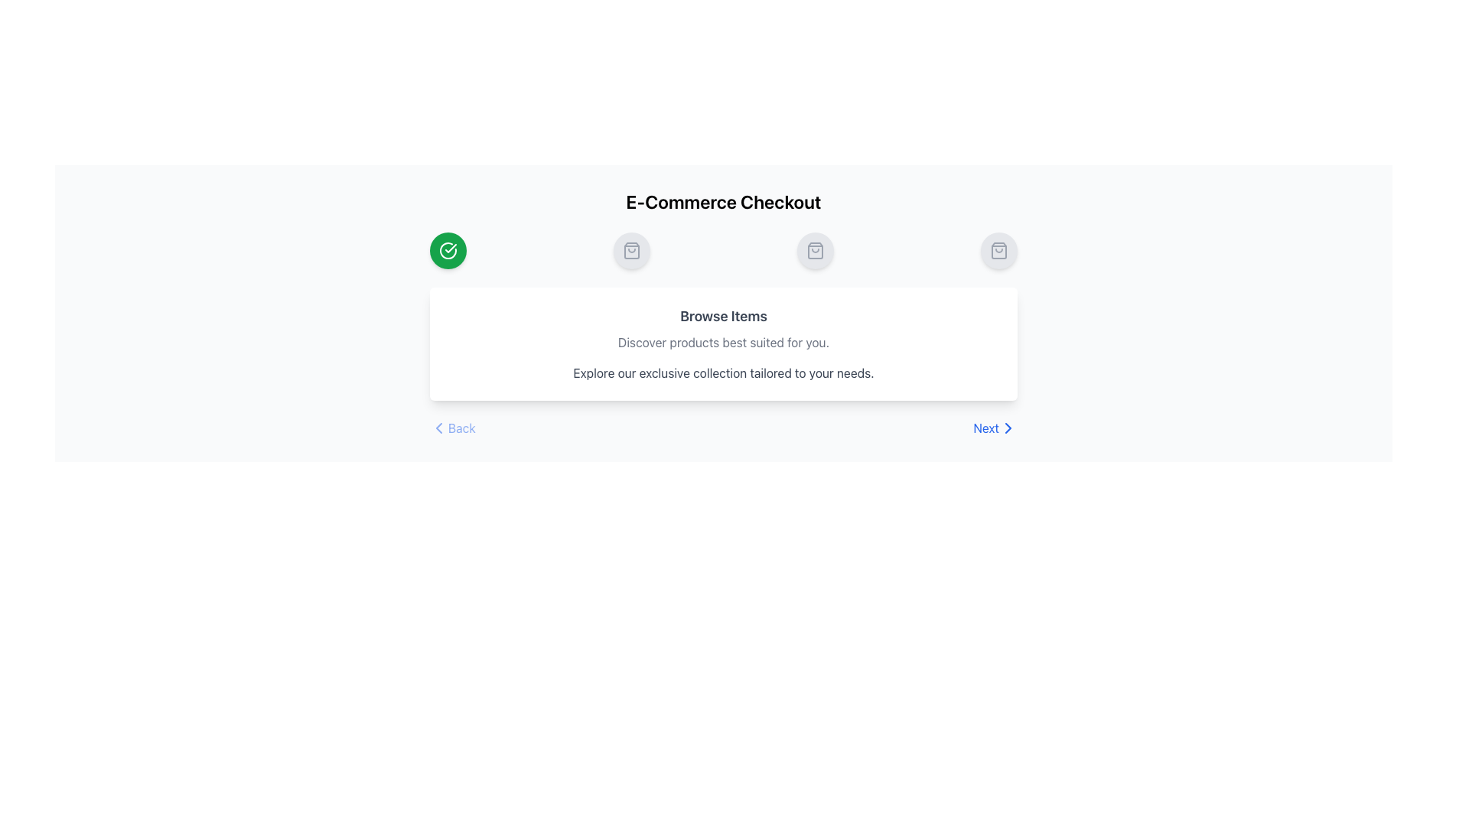 This screenshot has width=1469, height=826. Describe the element at coordinates (814, 249) in the screenshot. I see `the circular button with a light gray background and a shopping bag icon` at that location.